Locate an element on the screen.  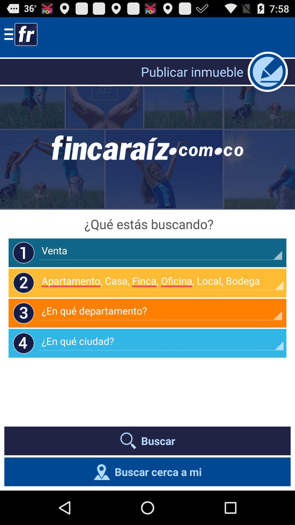
button to begin writing an advertisement is located at coordinates (267, 71).